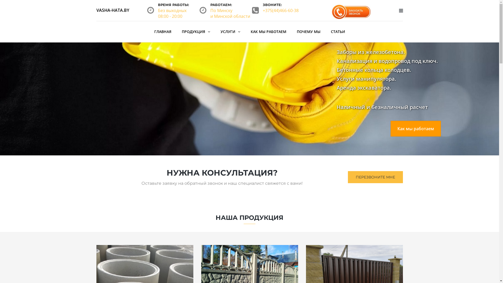 The height and width of the screenshot is (283, 503). What do you see at coordinates (112, 10) in the screenshot?
I see `'VASHA-HATA.BY'` at bounding box center [112, 10].